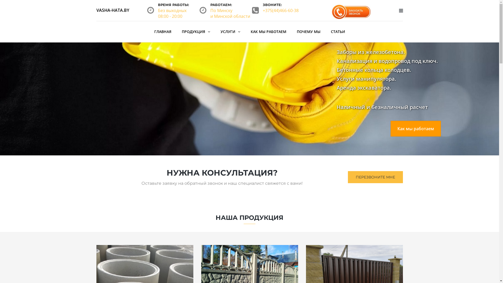 The height and width of the screenshot is (283, 503). What do you see at coordinates (112, 10) in the screenshot?
I see `'VASHA-HATA.BY'` at bounding box center [112, 10].